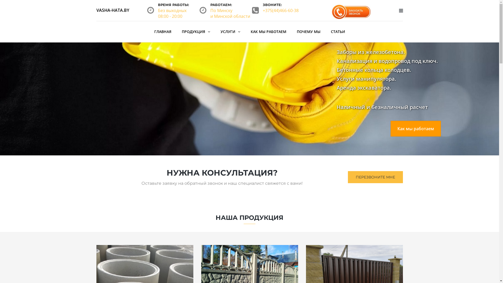 The height and width of the screenshot is (283, 503). What do you see at coordinates (112, 10) in the screenshot?
I see `'VASHA-HATA.BY'` at bounding box center [112, 10].